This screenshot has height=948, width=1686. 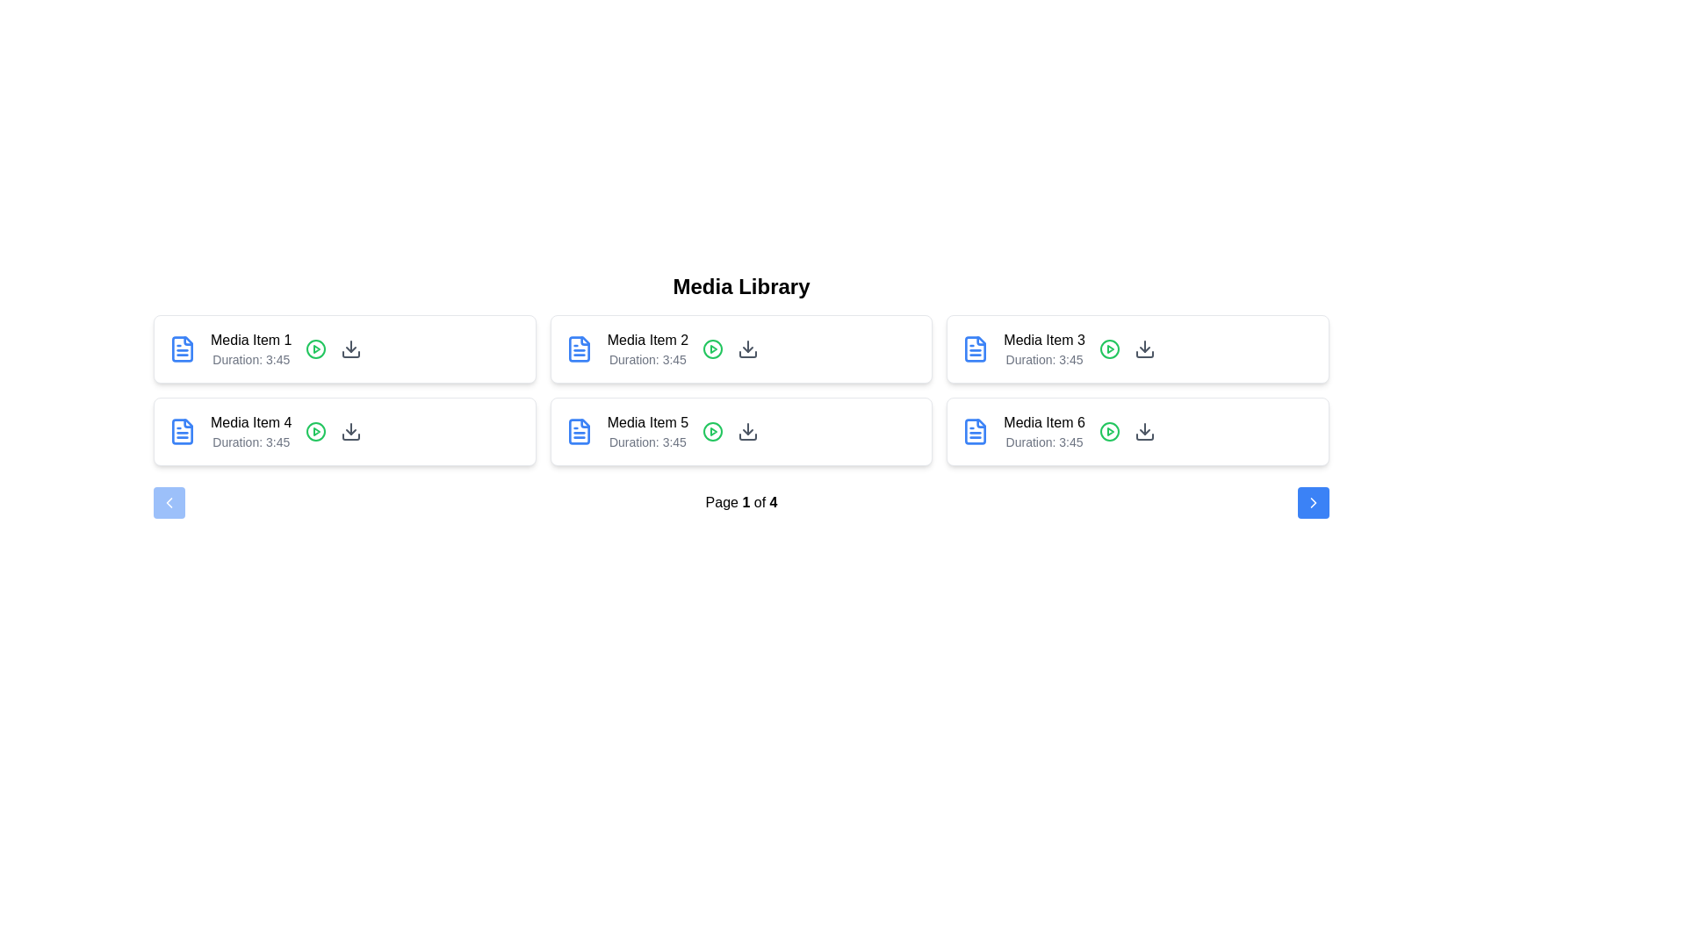 I want to click on the small rectangular button with rounded corners and a blue background containing white text that appears to be an arrow pointing to the right, so click(x=1314, y=503).